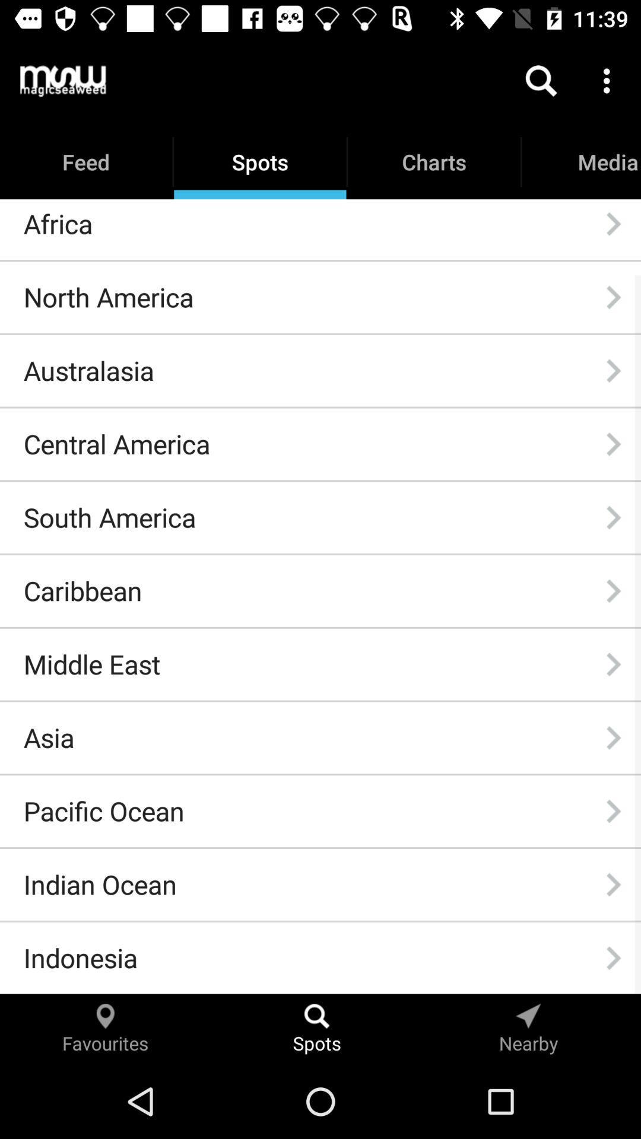 The image size is (641, 1139). Describe the element at coordinates (109, 517) in the screenshot. I see `icon below the central america` at that location.